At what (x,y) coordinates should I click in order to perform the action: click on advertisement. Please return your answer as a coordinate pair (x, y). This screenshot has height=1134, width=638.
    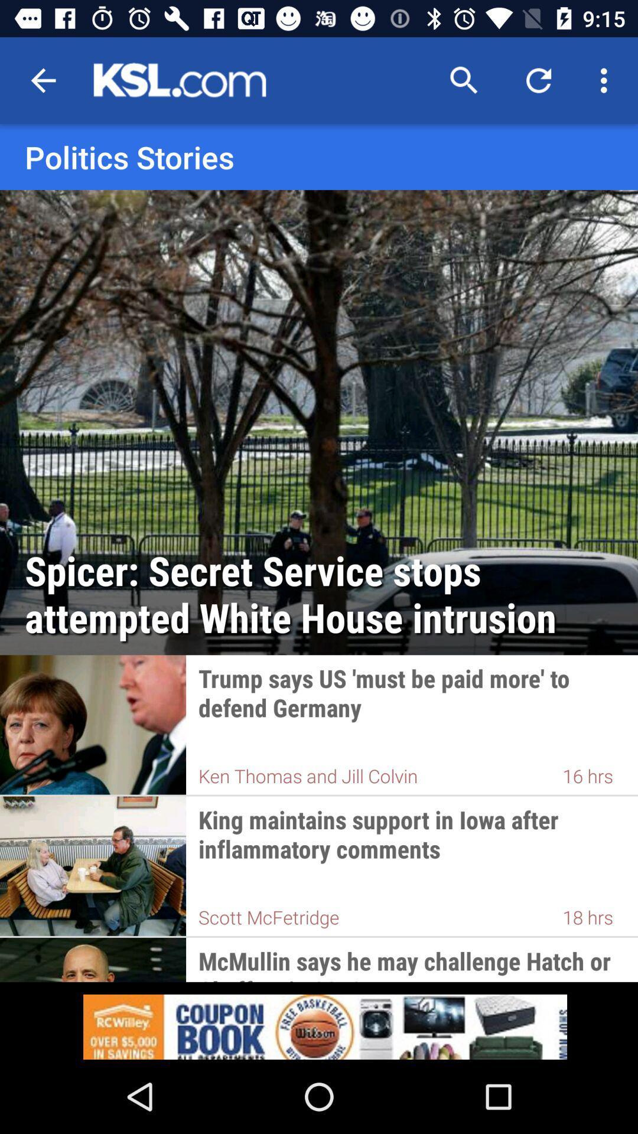
    Looking at the image, I should click on (319, 1020).